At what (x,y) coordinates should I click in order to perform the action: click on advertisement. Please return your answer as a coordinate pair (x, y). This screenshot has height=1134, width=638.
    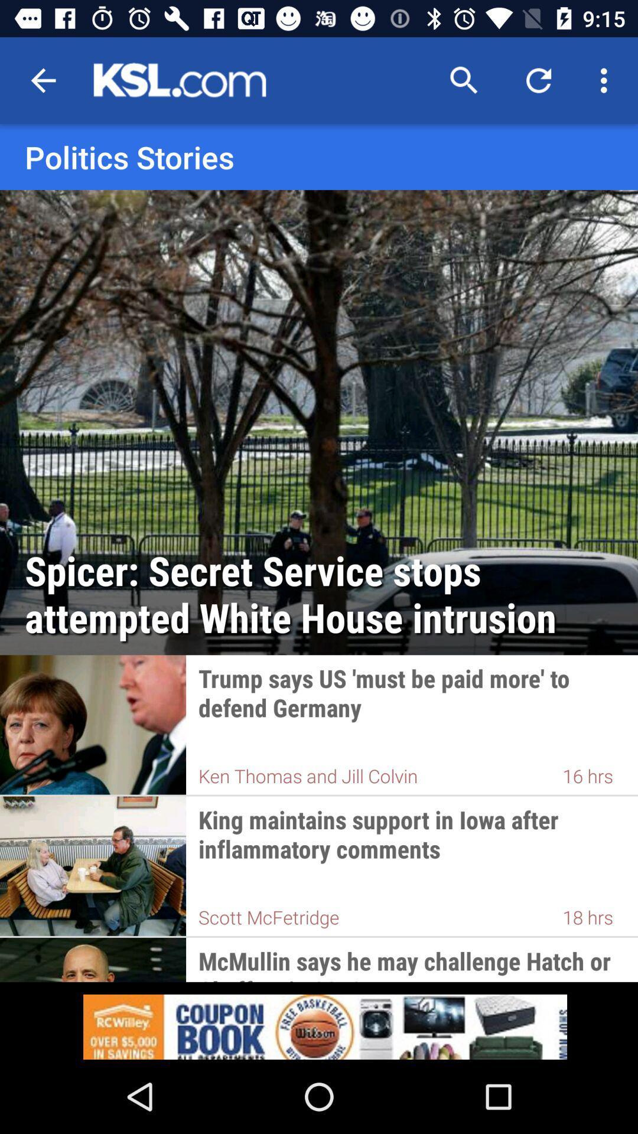
    Looking at the image, I should click on (319, 1020).